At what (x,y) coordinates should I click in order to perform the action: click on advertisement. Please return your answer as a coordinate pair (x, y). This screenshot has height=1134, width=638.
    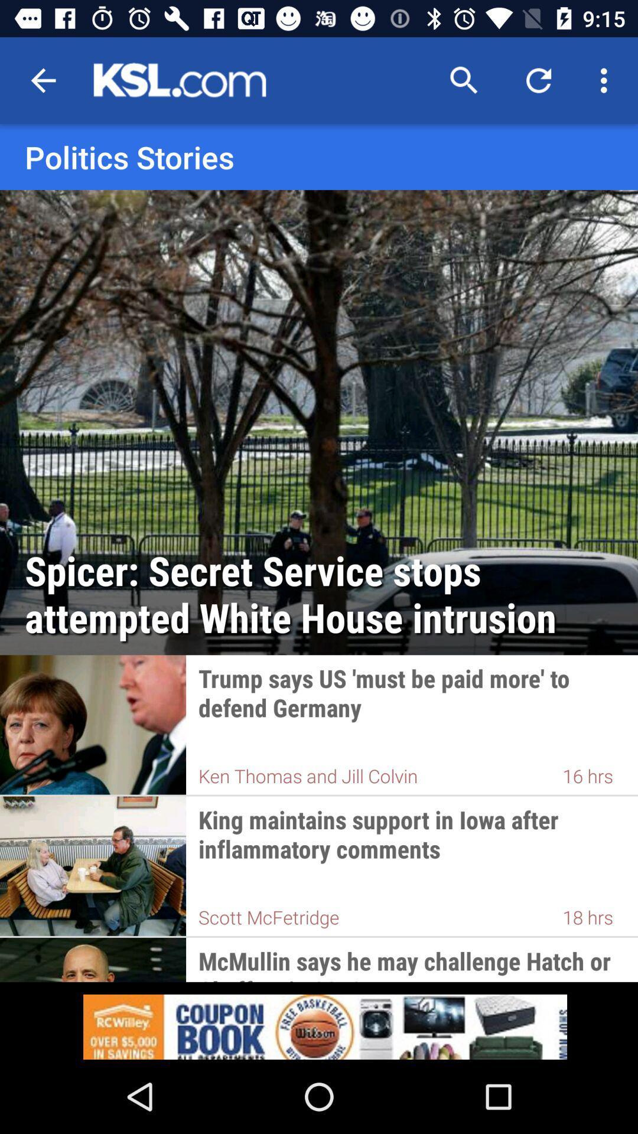
    Looking at the image, I should click on (319, 1020).